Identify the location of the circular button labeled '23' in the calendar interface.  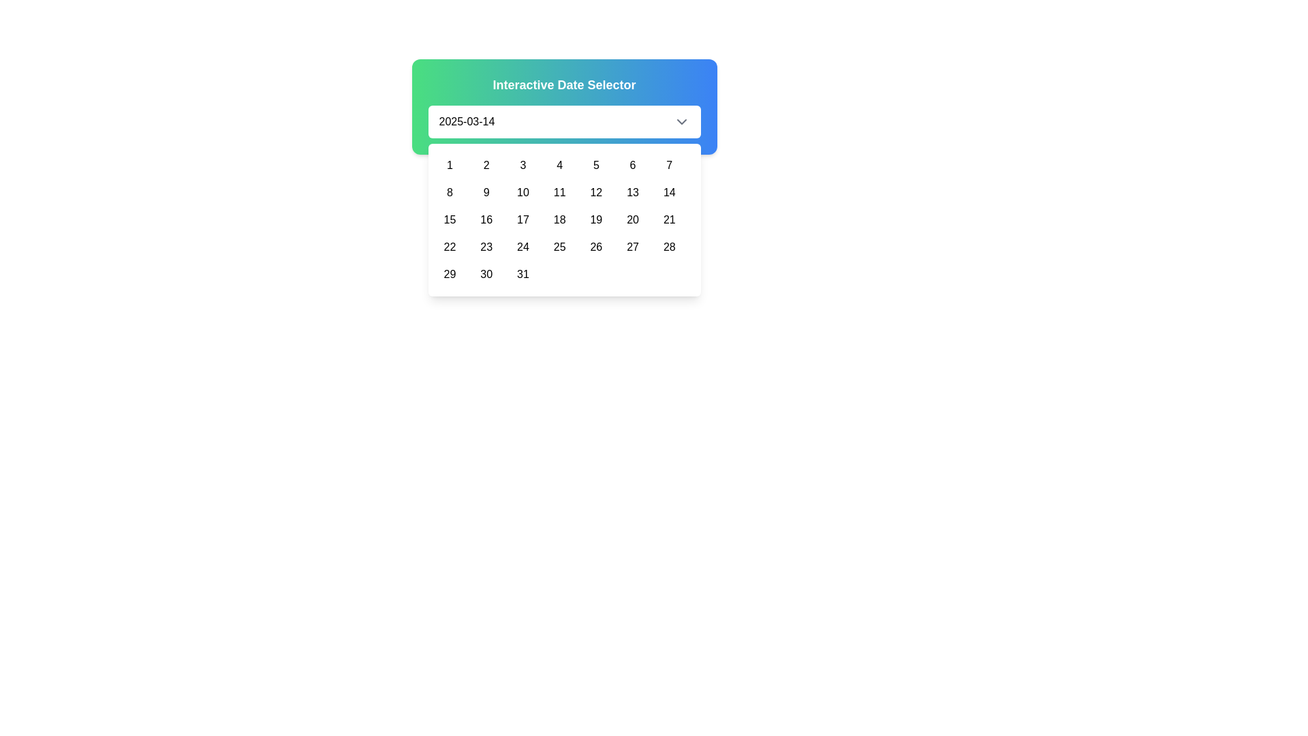
(486, 247).